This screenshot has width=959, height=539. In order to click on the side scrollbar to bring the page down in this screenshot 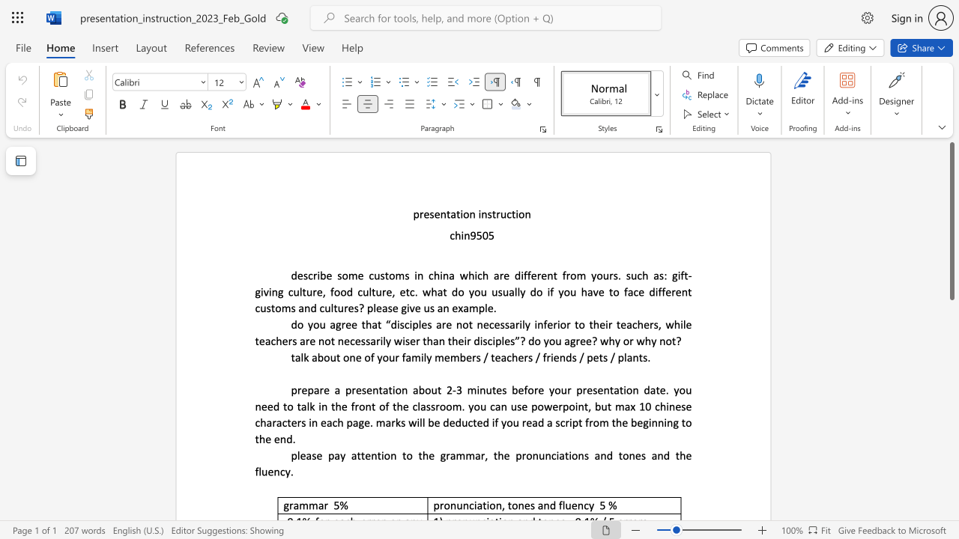, I will do `click(951, 367)`.